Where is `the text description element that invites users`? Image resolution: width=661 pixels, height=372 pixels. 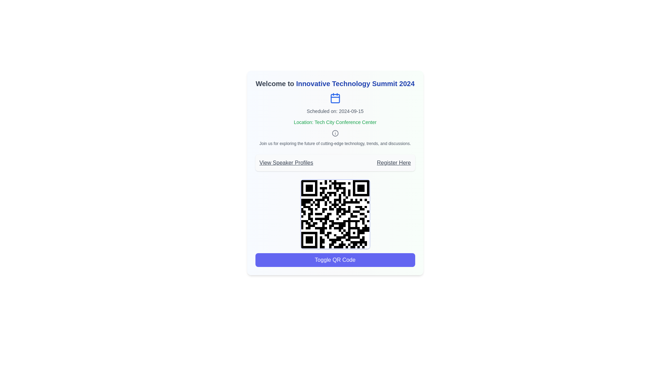
the text description element that invites users is located at coordinates (335, 143).